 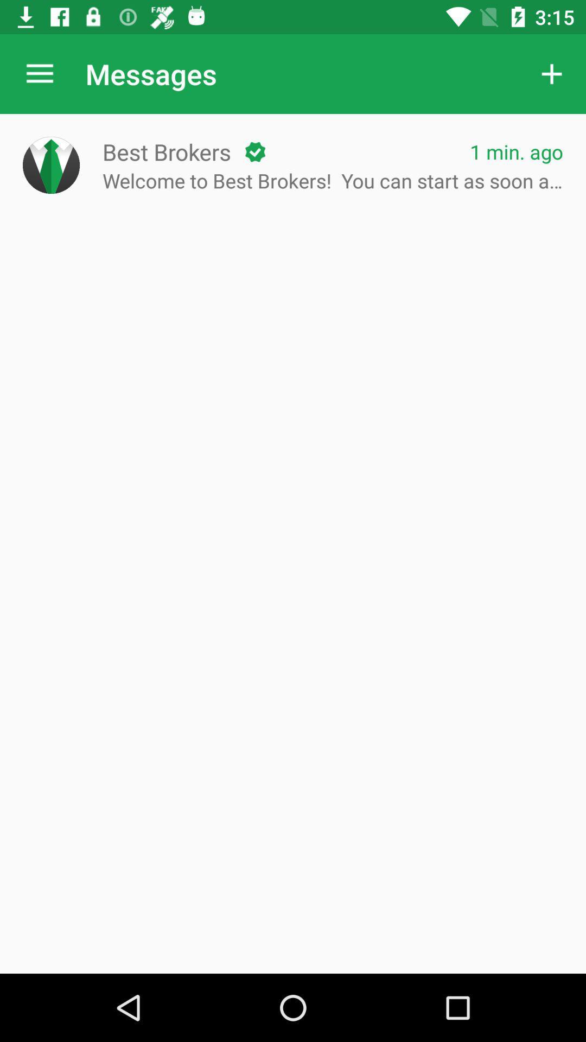 I want to click on the item next to the messages item, so click(x=552, y=73).